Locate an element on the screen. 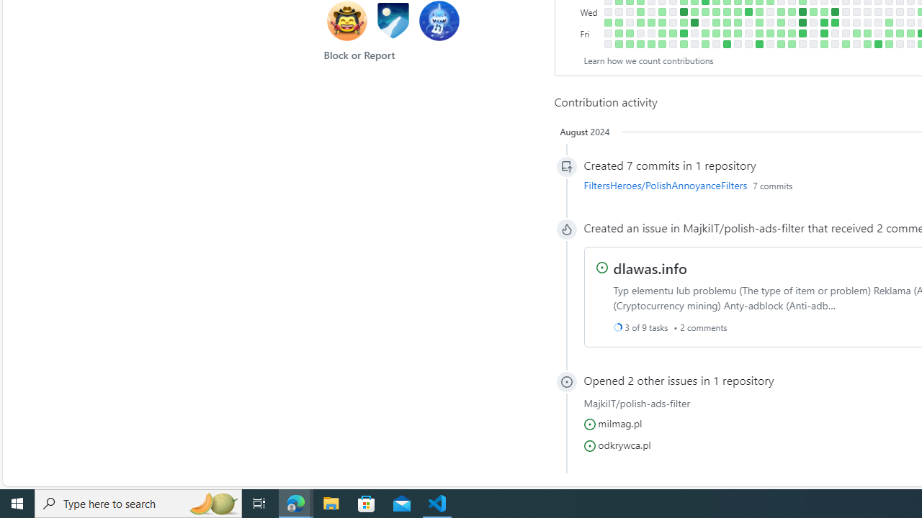 This screenshot has height=518, width=922. '1 contribution on October 12th.' is located at coordinates (683, 22).